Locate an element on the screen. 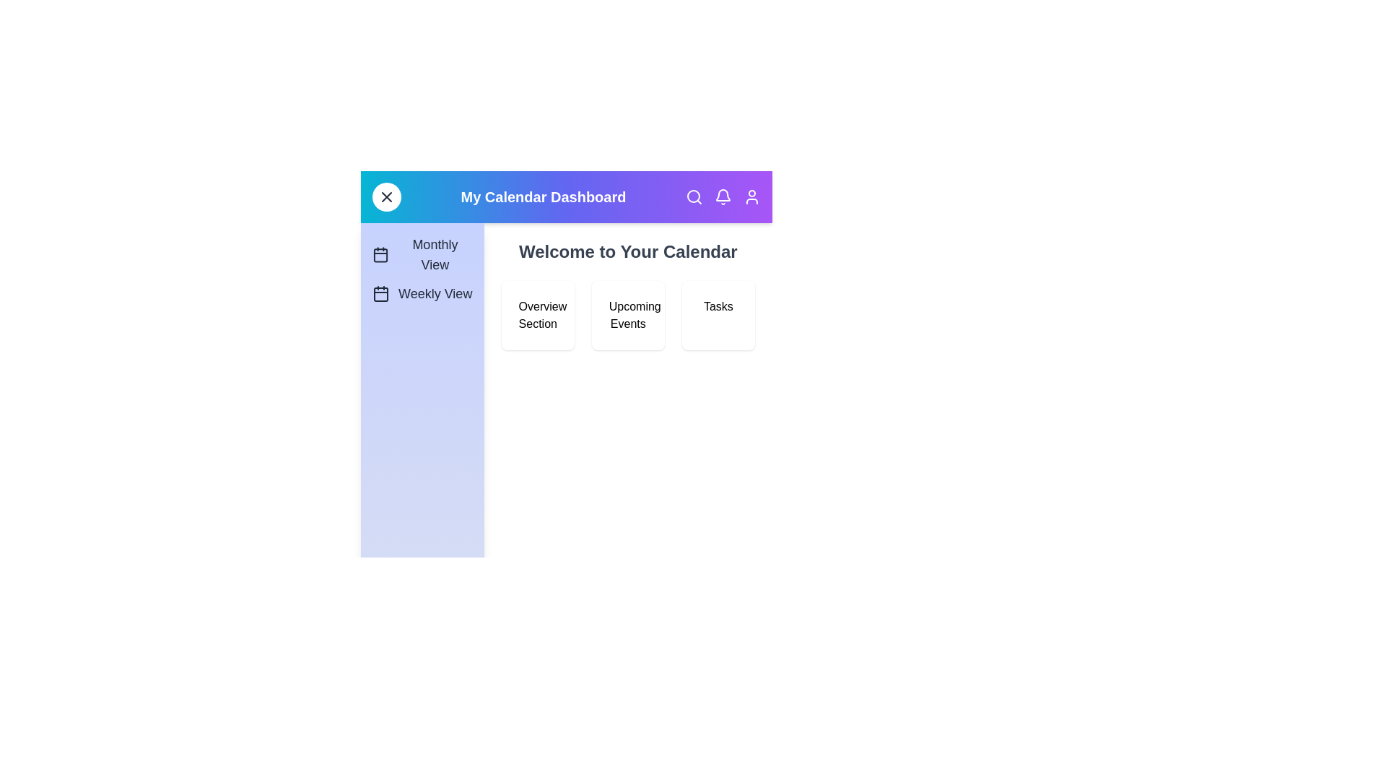  the calendar icon located in the left navigation sidebar, which is styled with a dark outline and is adjacent to the 'Monthly View' text label is located at coordinates (380, 254).